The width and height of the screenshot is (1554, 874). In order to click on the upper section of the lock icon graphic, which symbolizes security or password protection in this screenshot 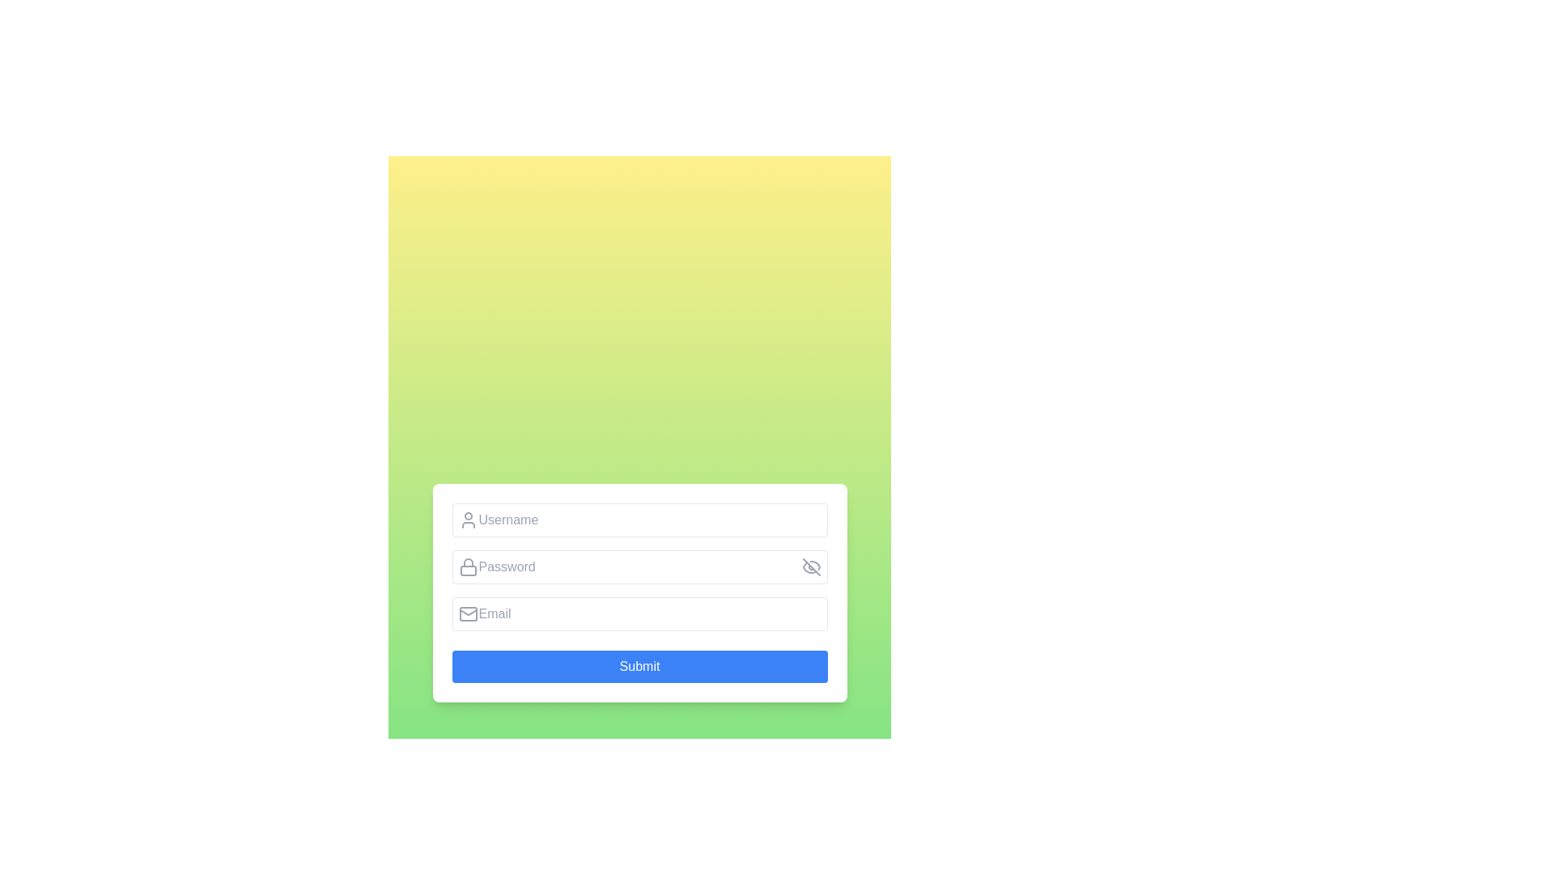, I will do `click(467, 562)`.